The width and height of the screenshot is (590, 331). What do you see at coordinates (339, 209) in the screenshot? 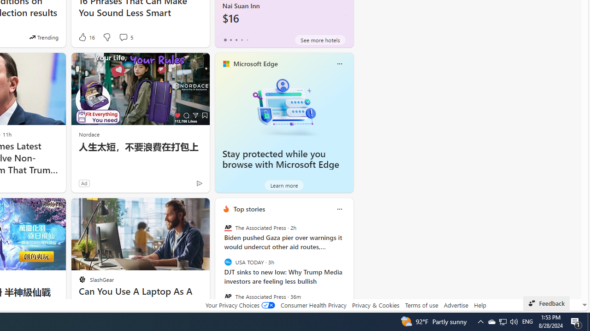
I see `'More options'` at bounding box center [339, 209].